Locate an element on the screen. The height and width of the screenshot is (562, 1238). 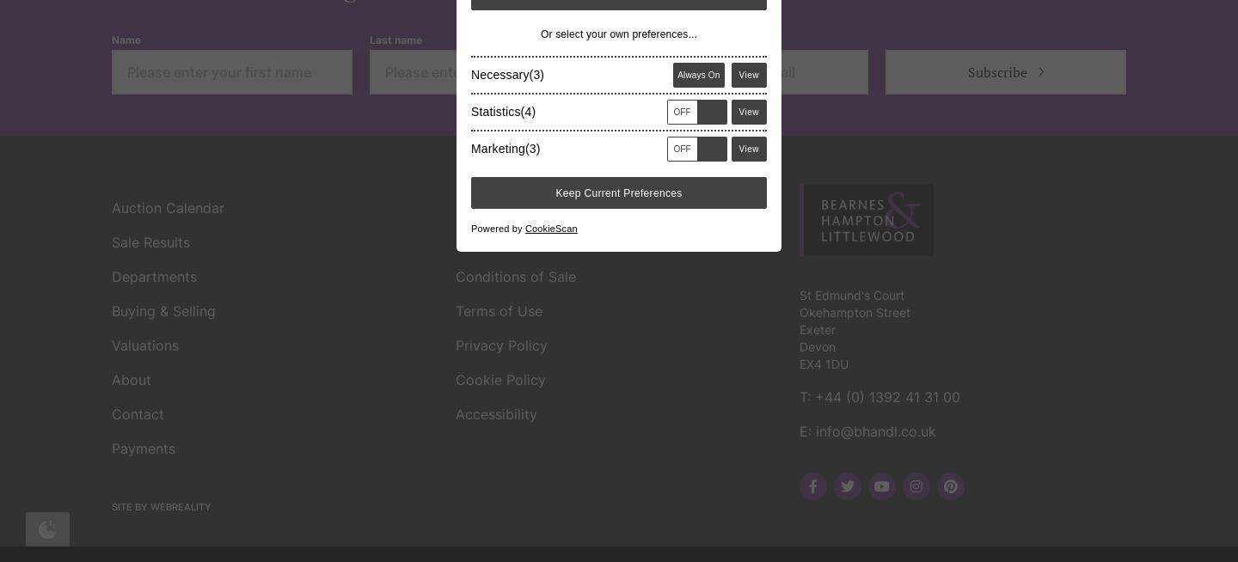
'Privacy Policy' is located at coordinates (455, 96).